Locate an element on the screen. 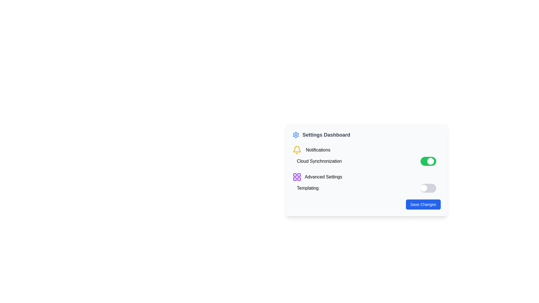 Image resolution: width=539 pixels, height=303 pixels. notification bell icon element, which is a curved bell-shaped outline with a bright yellow hue located in the top-left corner of the visible settings panel is located at coordinates (296, 149).